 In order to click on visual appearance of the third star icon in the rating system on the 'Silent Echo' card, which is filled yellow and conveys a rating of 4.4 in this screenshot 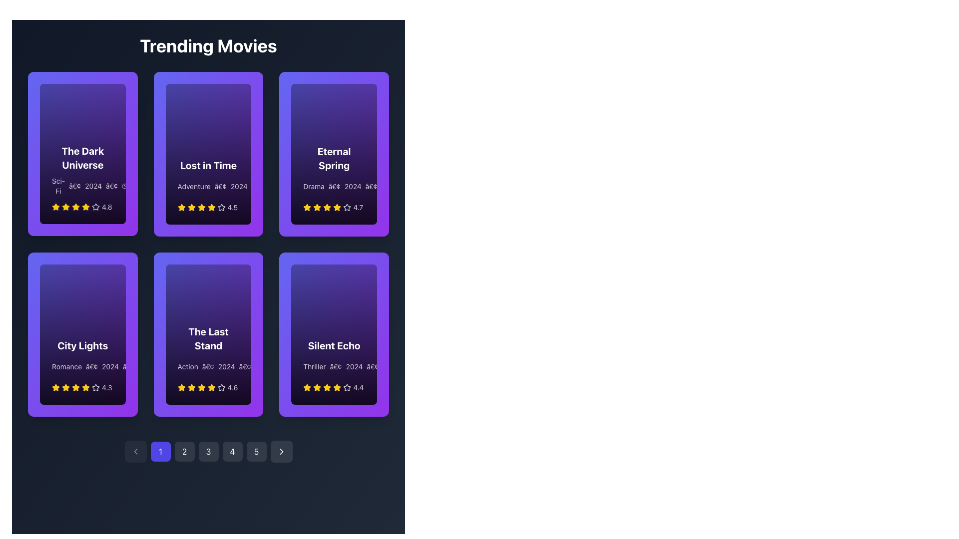, I will do `click(317, 387)`.